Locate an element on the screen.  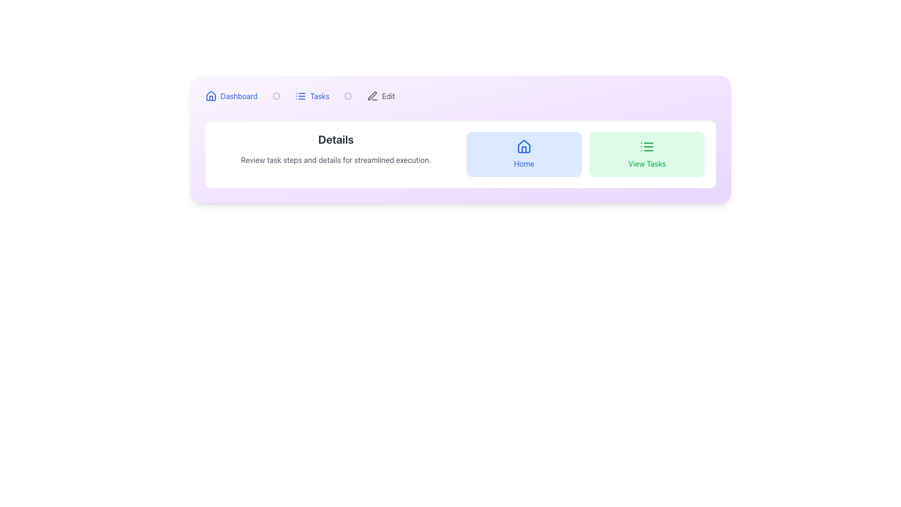
the interactive toggle button represented by the Circle located in the navigation bar between 'Dashboard' and 'Tasks' is located at coordinates (276, 96).